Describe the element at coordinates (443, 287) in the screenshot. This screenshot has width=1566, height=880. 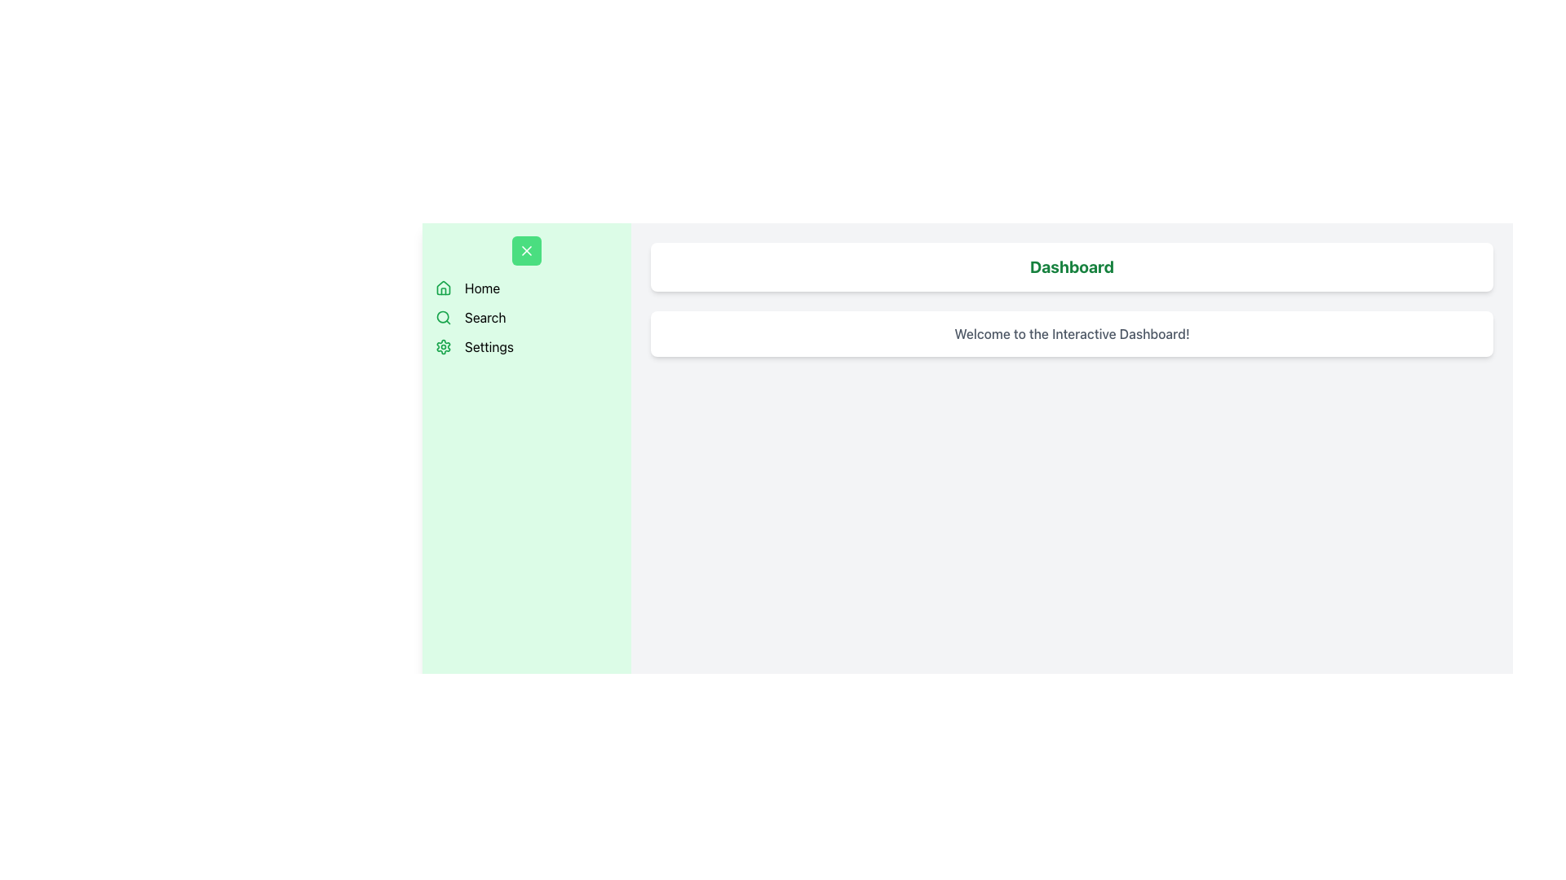
I see `the home icon in the navigation sidebar by` at that location.